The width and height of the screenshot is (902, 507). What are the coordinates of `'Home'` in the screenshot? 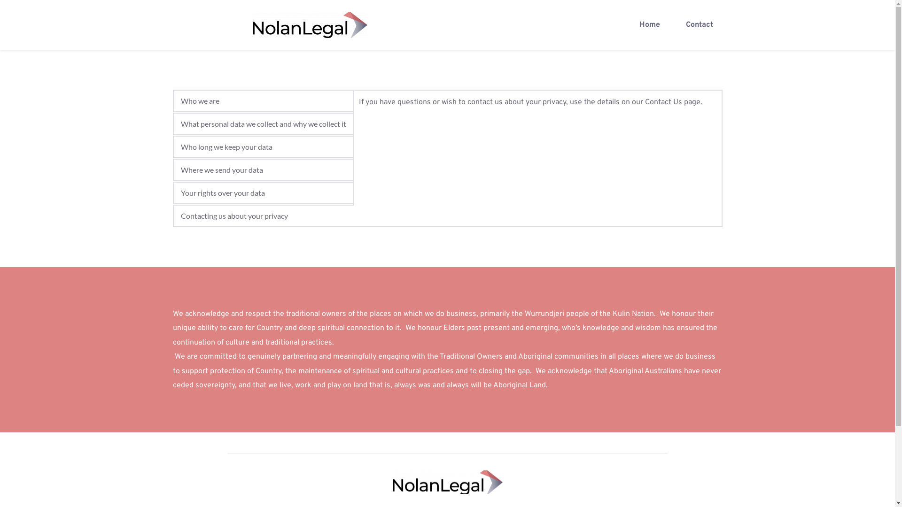 It's located at (649, 24).